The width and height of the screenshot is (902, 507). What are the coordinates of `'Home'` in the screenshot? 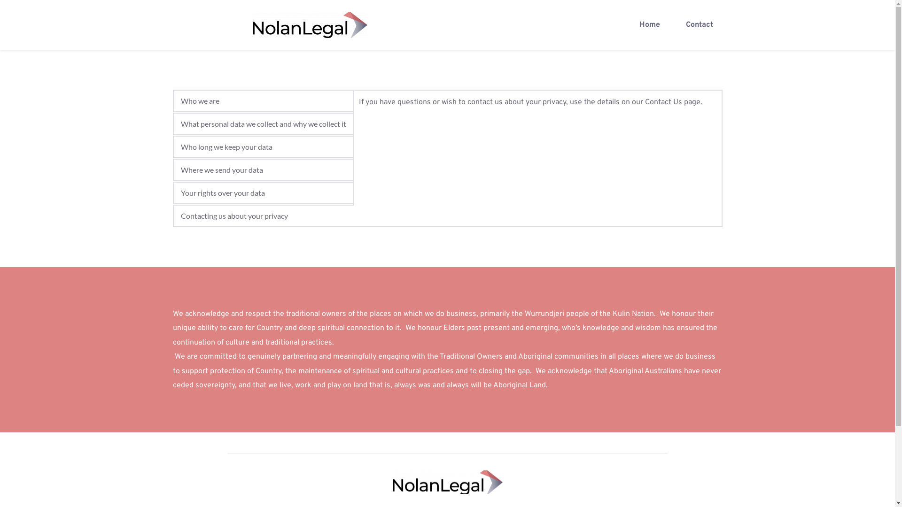 It's located at (649, 24).